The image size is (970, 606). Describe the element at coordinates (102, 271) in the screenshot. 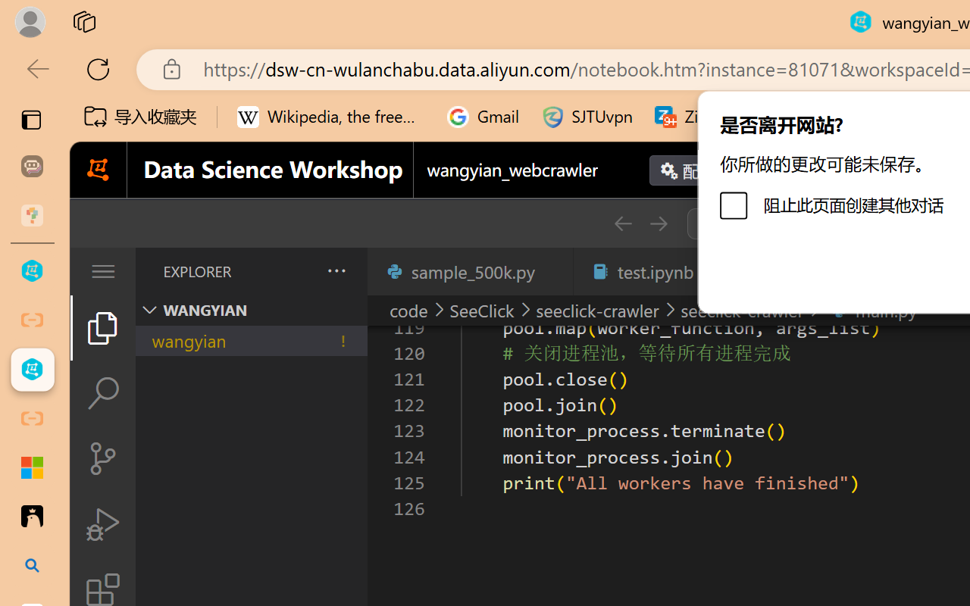

I see `'Class: menubar compact overflow-menu-only'` at that location.